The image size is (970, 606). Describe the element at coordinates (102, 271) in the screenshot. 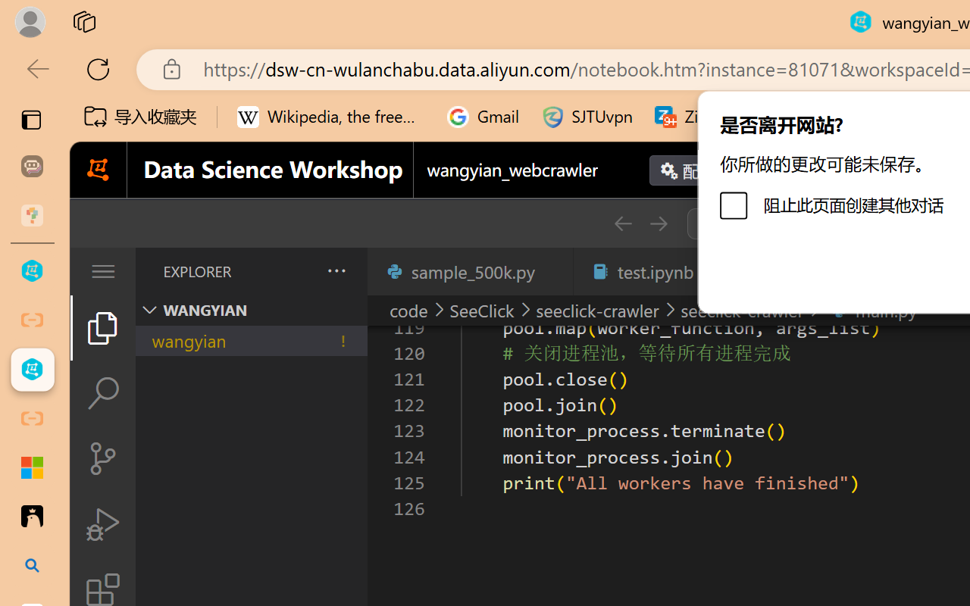

I see `'Class: menubar compact overflow-menu-only'` at that location.